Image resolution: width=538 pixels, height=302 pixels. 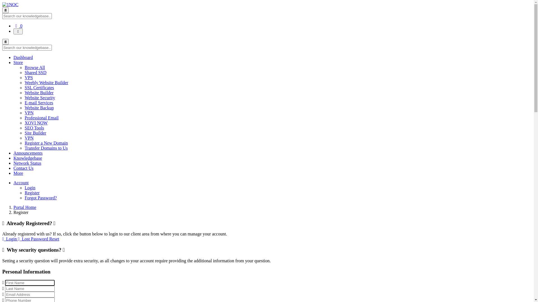 I want to click on 'Portal Home', so click(x=13, y=207).